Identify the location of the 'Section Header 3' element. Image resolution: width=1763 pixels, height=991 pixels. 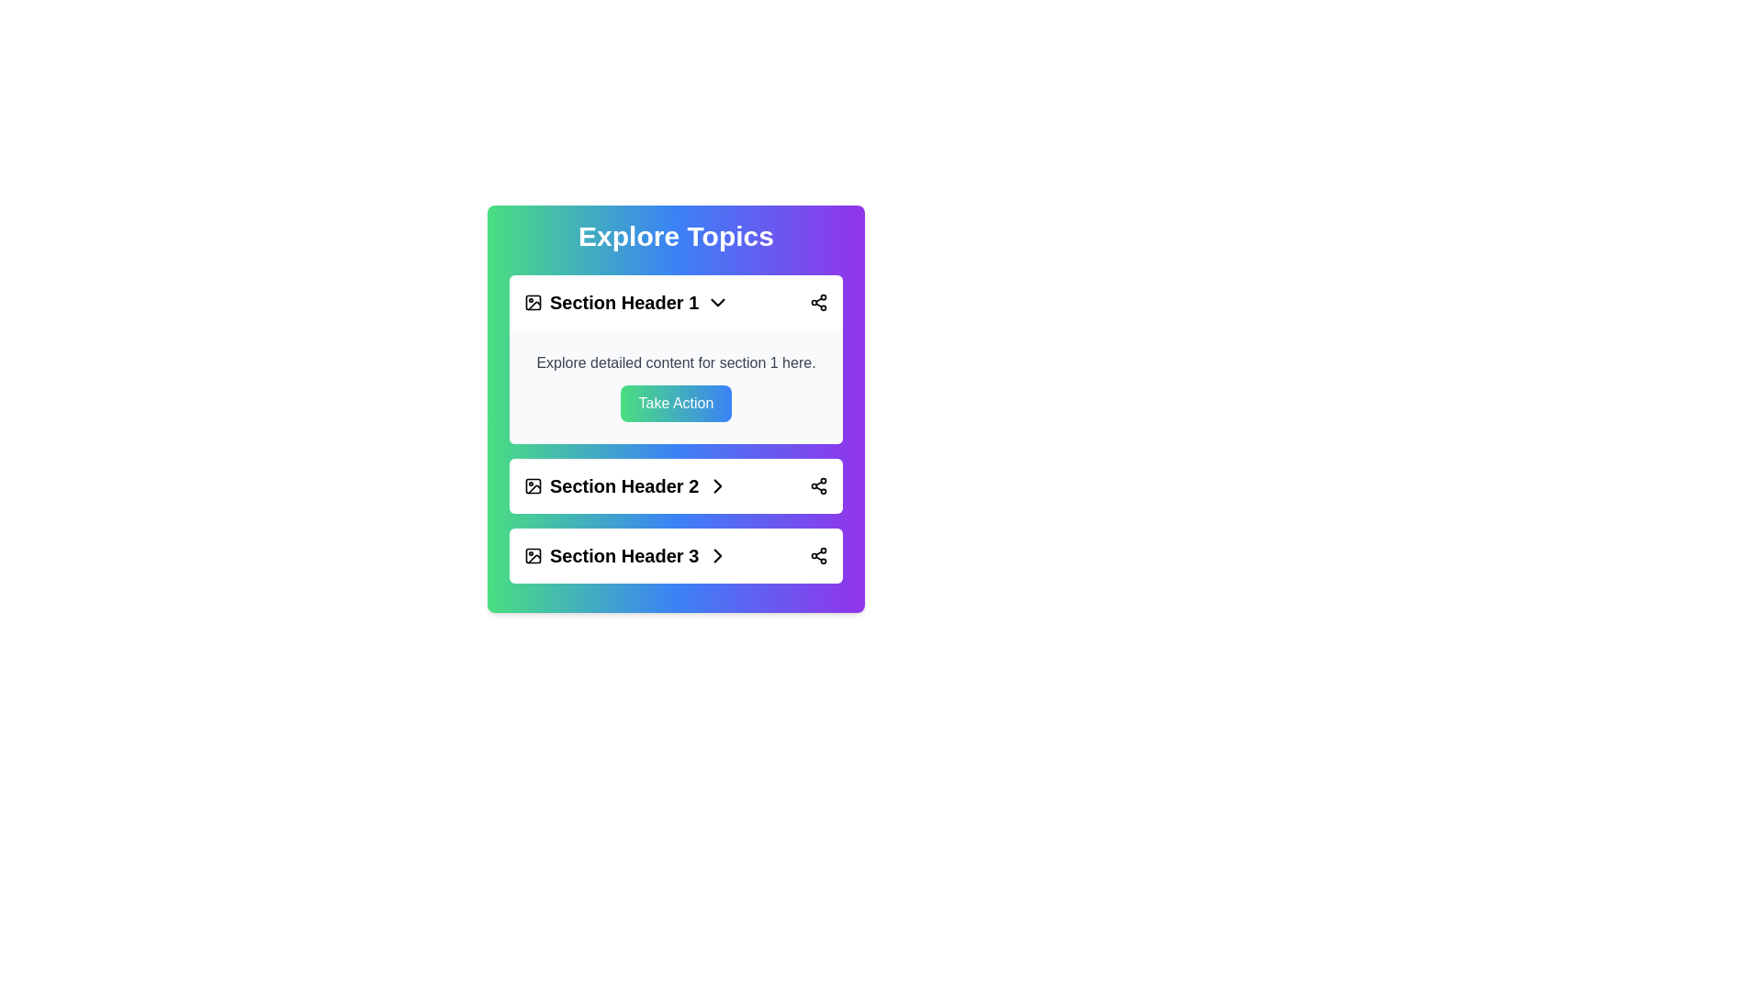
(627, 554).